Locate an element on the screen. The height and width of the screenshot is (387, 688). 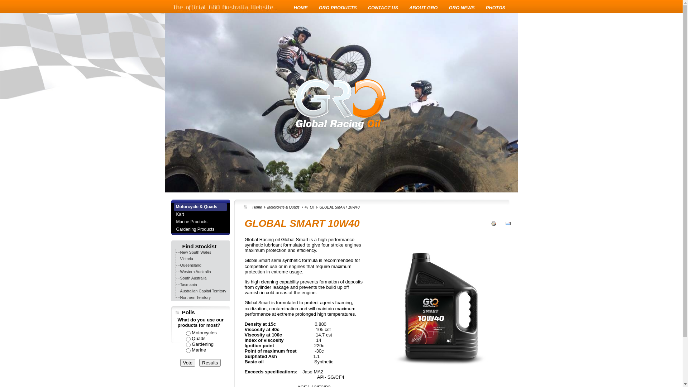
'HOME' is located at coordinates (301, 8).